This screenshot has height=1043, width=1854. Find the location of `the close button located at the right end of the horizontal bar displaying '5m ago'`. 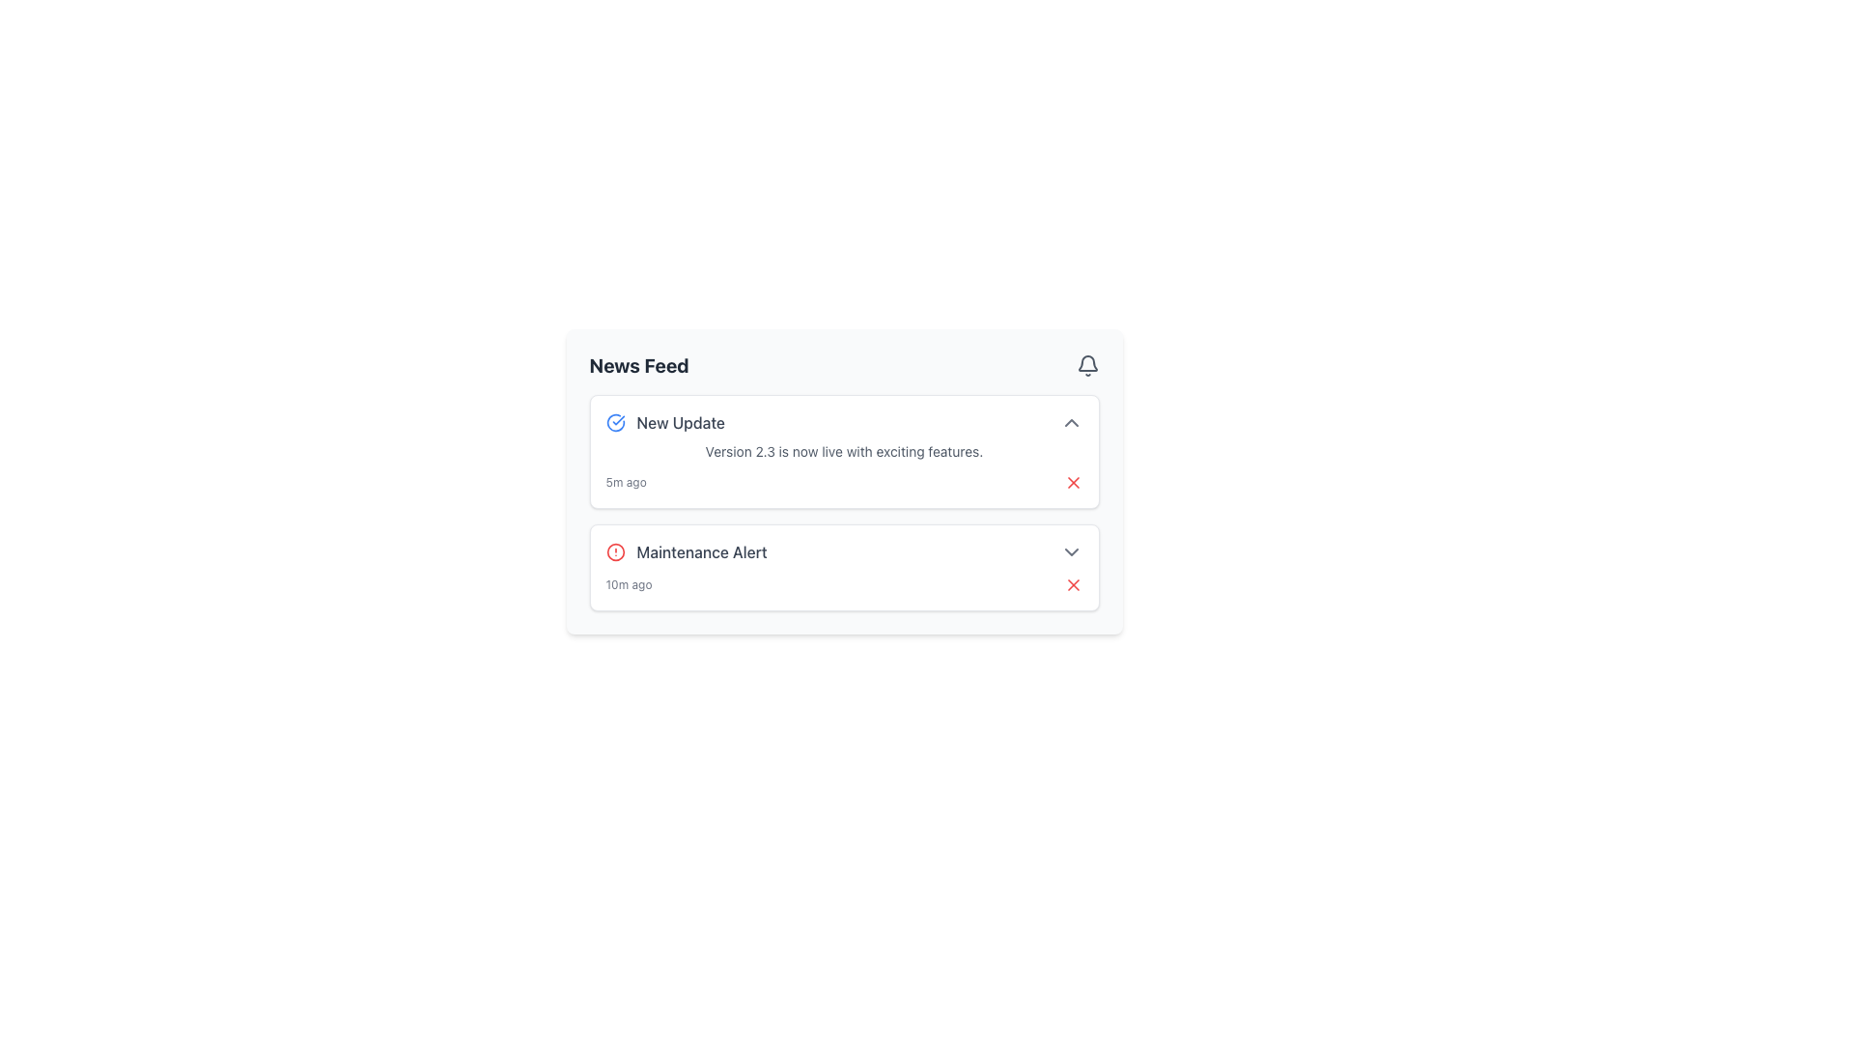

the close button located at the right end of the horizontal bar displaying '5m ago' is located at coordinates (1072, 482).